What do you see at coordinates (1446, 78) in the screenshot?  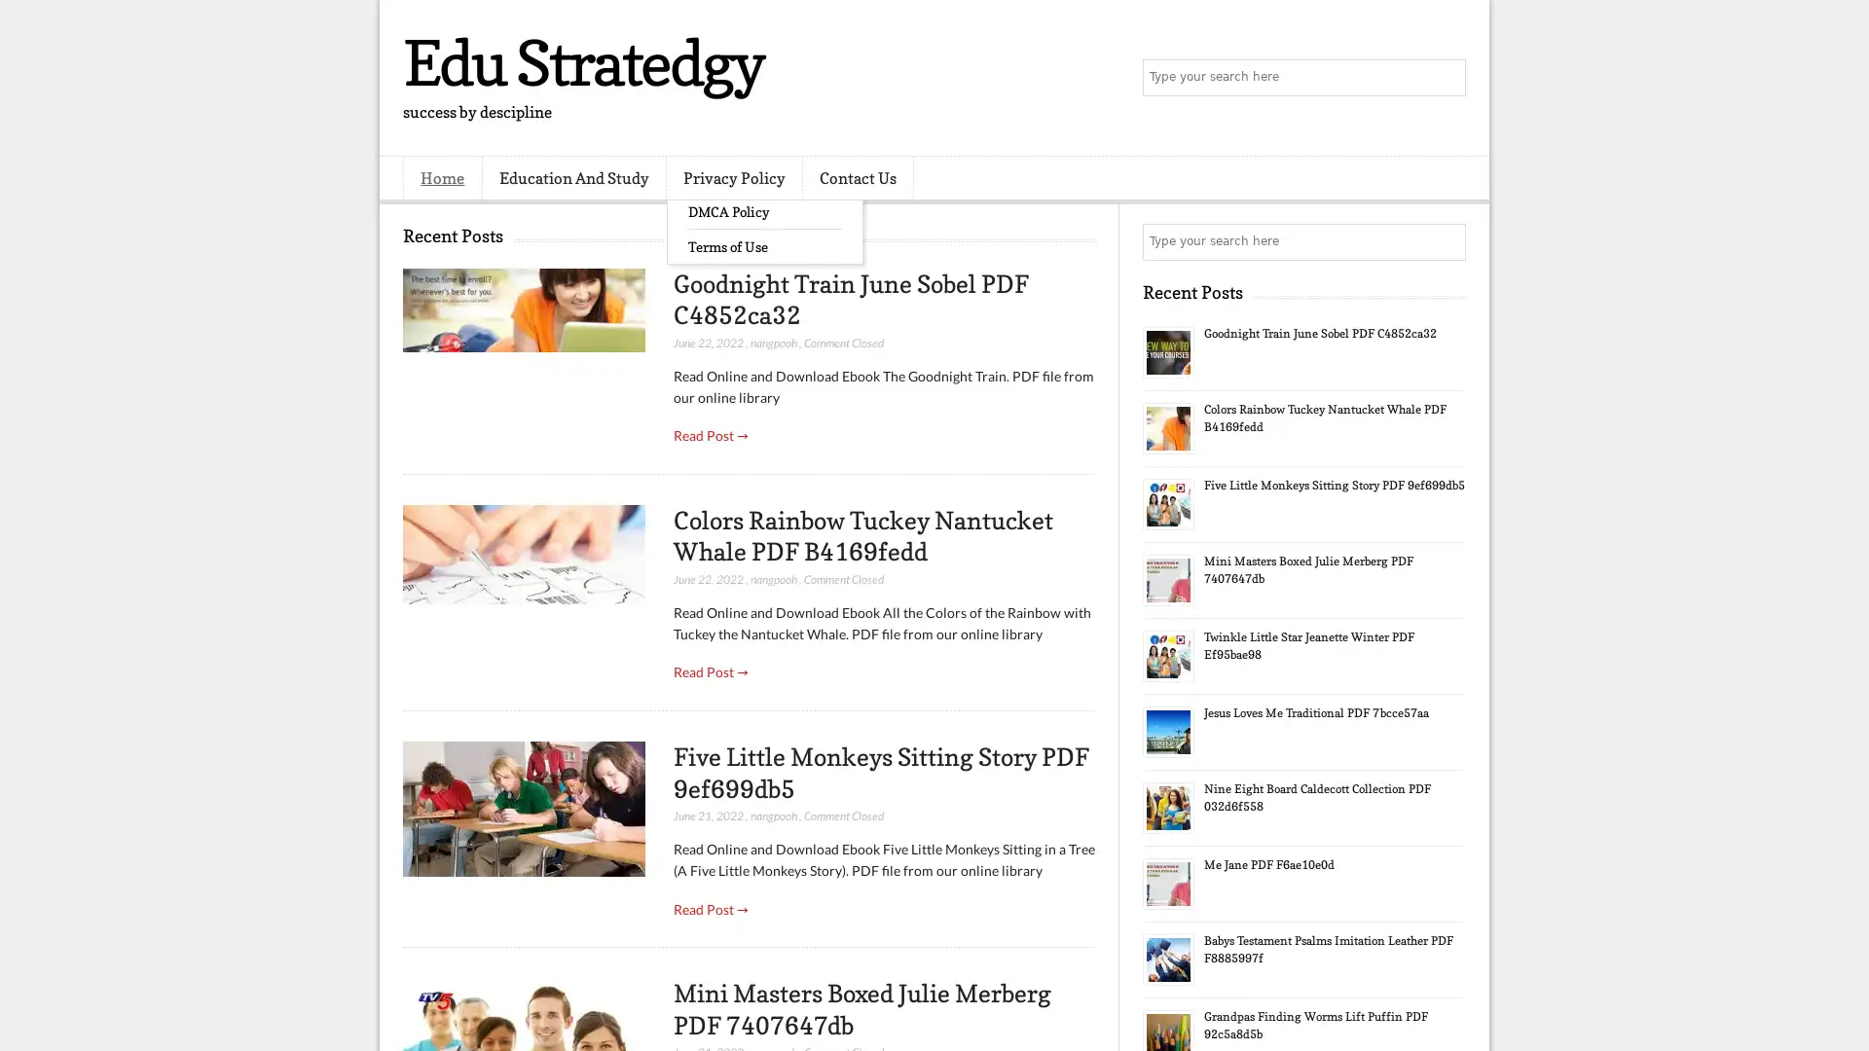 I see `Search` at bounding box center [1446, 78].